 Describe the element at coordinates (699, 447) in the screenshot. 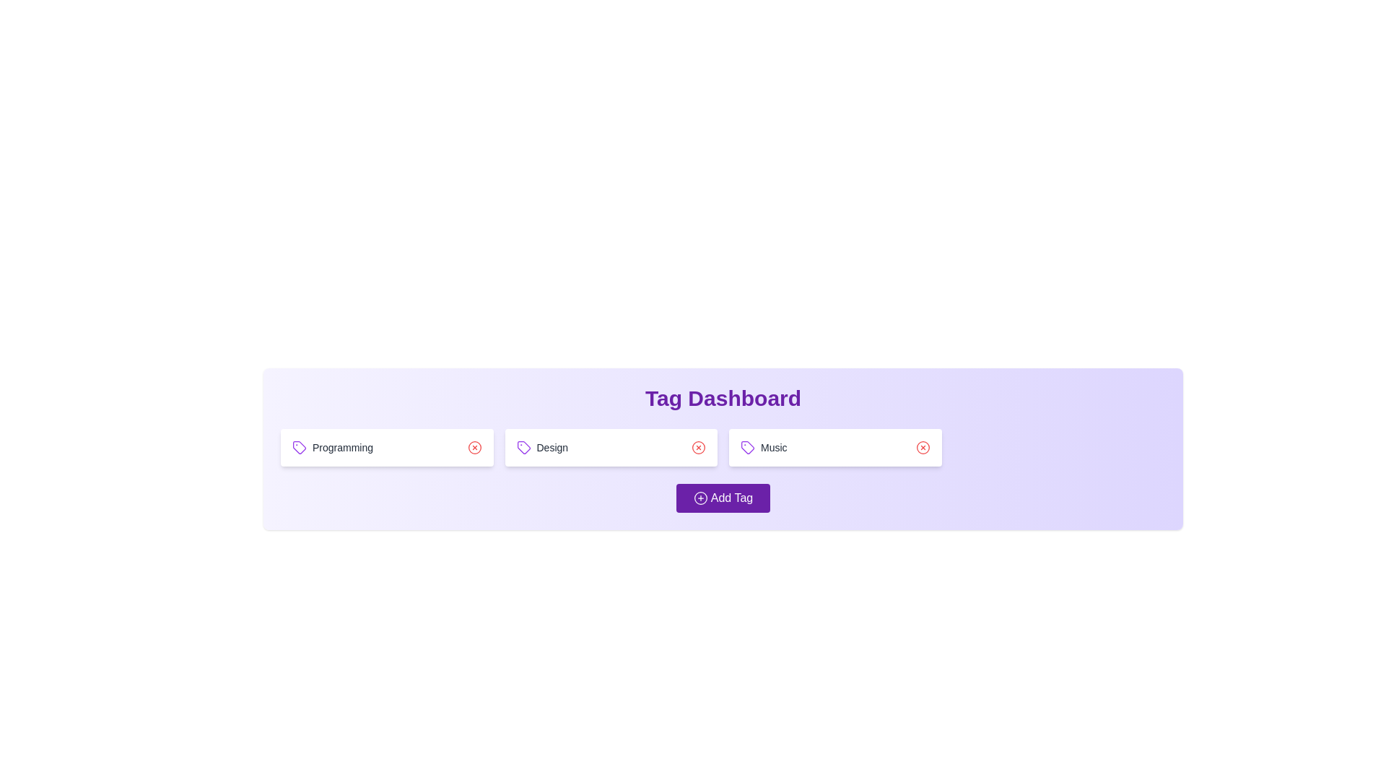

I see `the rightmost button in the card associated with the 'Design' label` at that location.